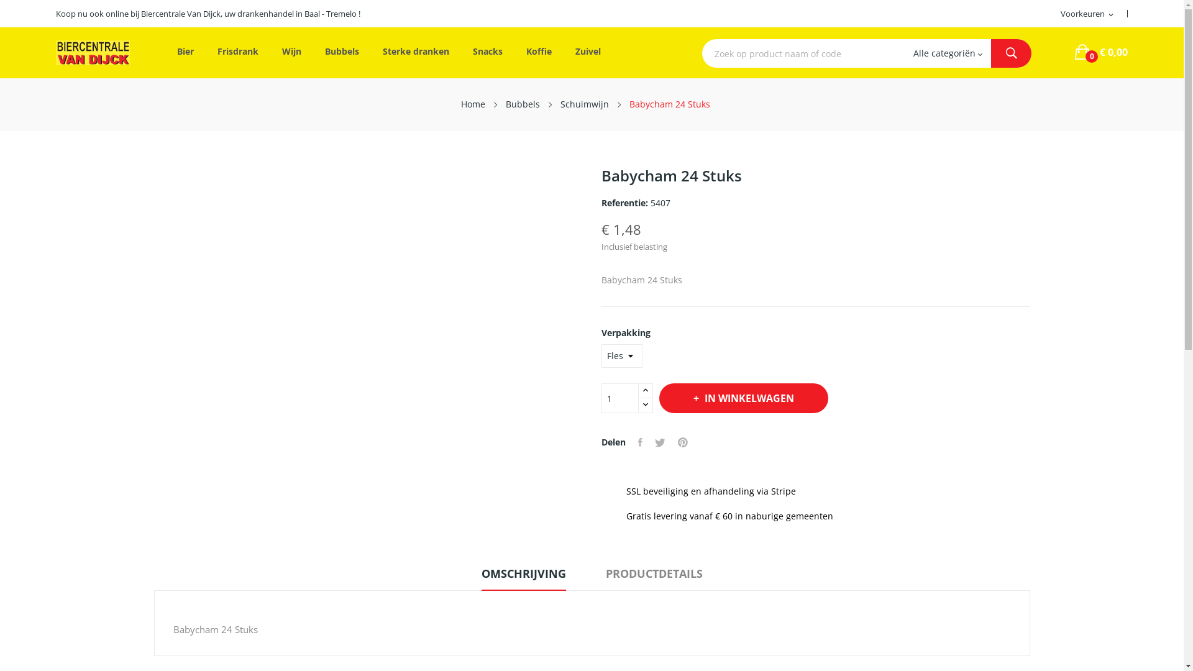 This screenshot has height=671, width=1193. I want to click on 'Koffie', so click(539, 52).